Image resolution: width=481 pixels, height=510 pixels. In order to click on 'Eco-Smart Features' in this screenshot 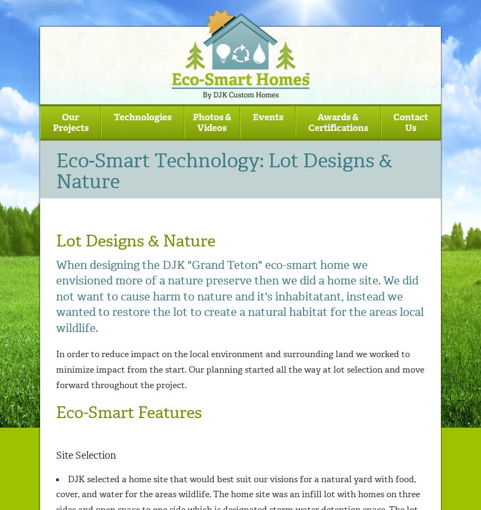, I will do `click(128, 412)`.